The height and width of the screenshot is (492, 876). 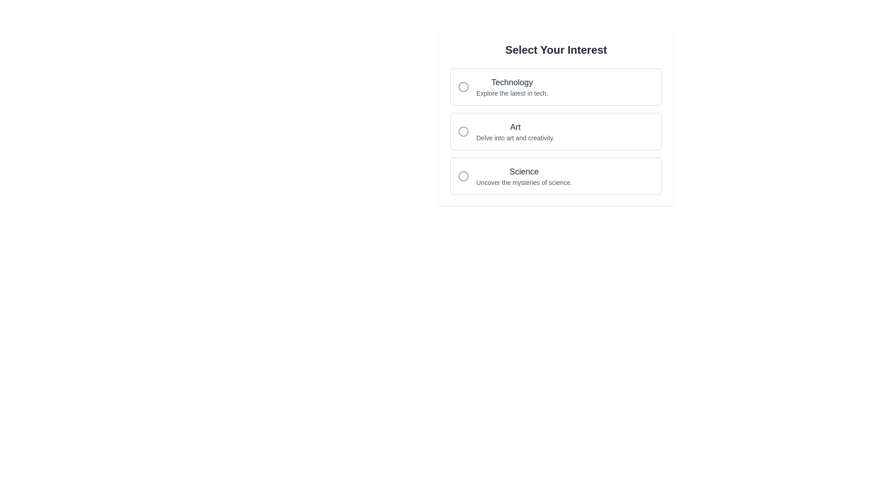 I want to click on the text label that provides a brief description or subtitle for the 'Art' option in the selection list, located directly below the text 'Art', so click(x=515, y=138).